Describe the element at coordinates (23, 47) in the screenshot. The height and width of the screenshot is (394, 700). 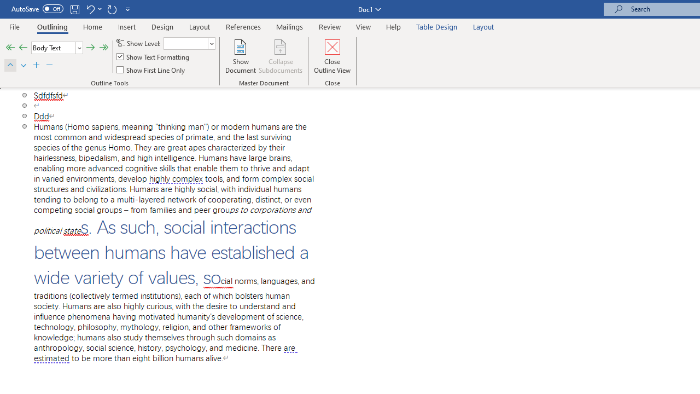
I see `'Promote'` at that location.